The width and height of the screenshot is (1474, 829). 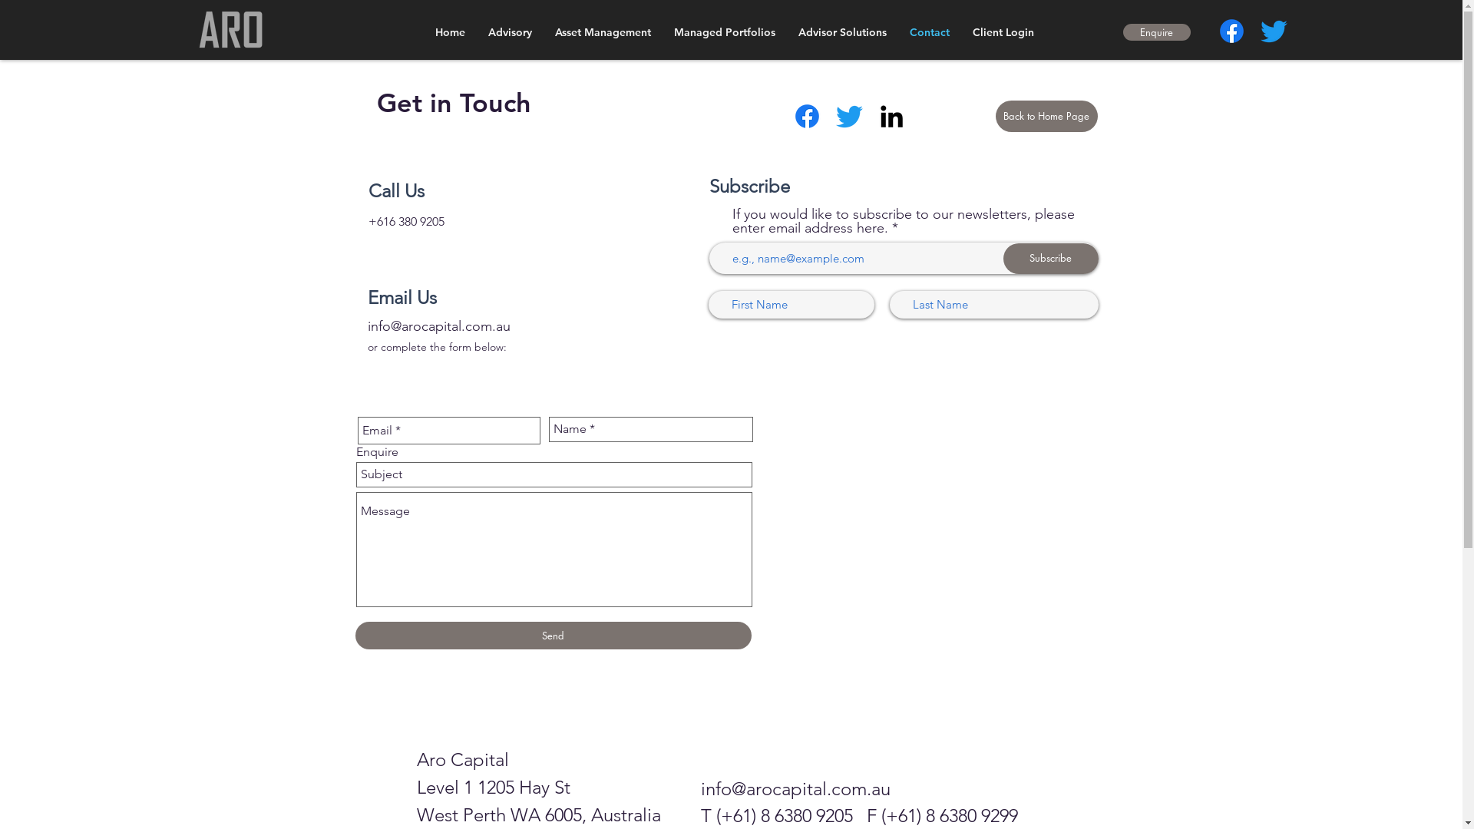 What do you see at coordinates (602, 32) in the screenshot?
I see `'Asset Management'` at bounding box center [602, 32].